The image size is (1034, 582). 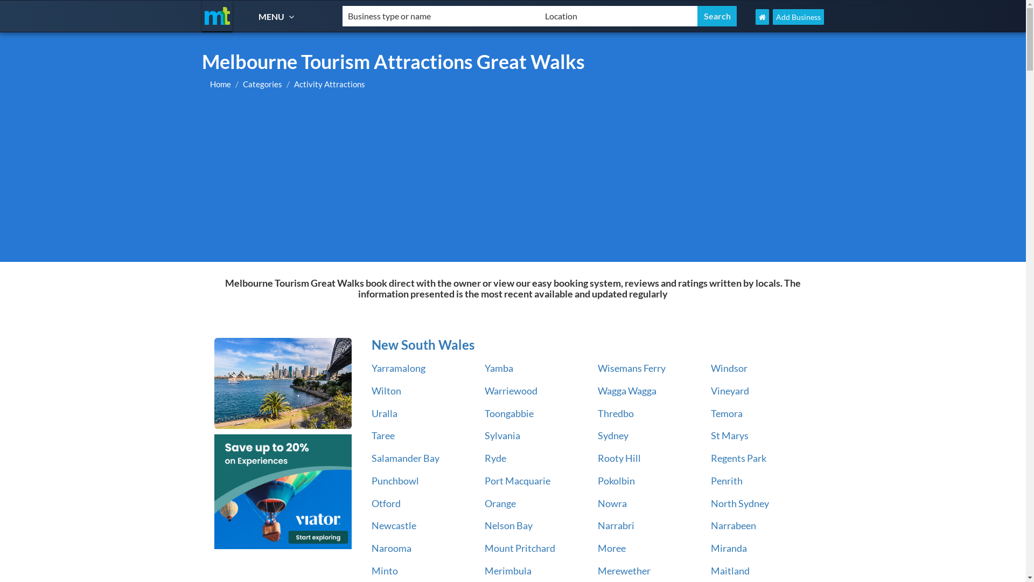 I want to click on 'Melbourne Tourism', so click(x=216, y=16).